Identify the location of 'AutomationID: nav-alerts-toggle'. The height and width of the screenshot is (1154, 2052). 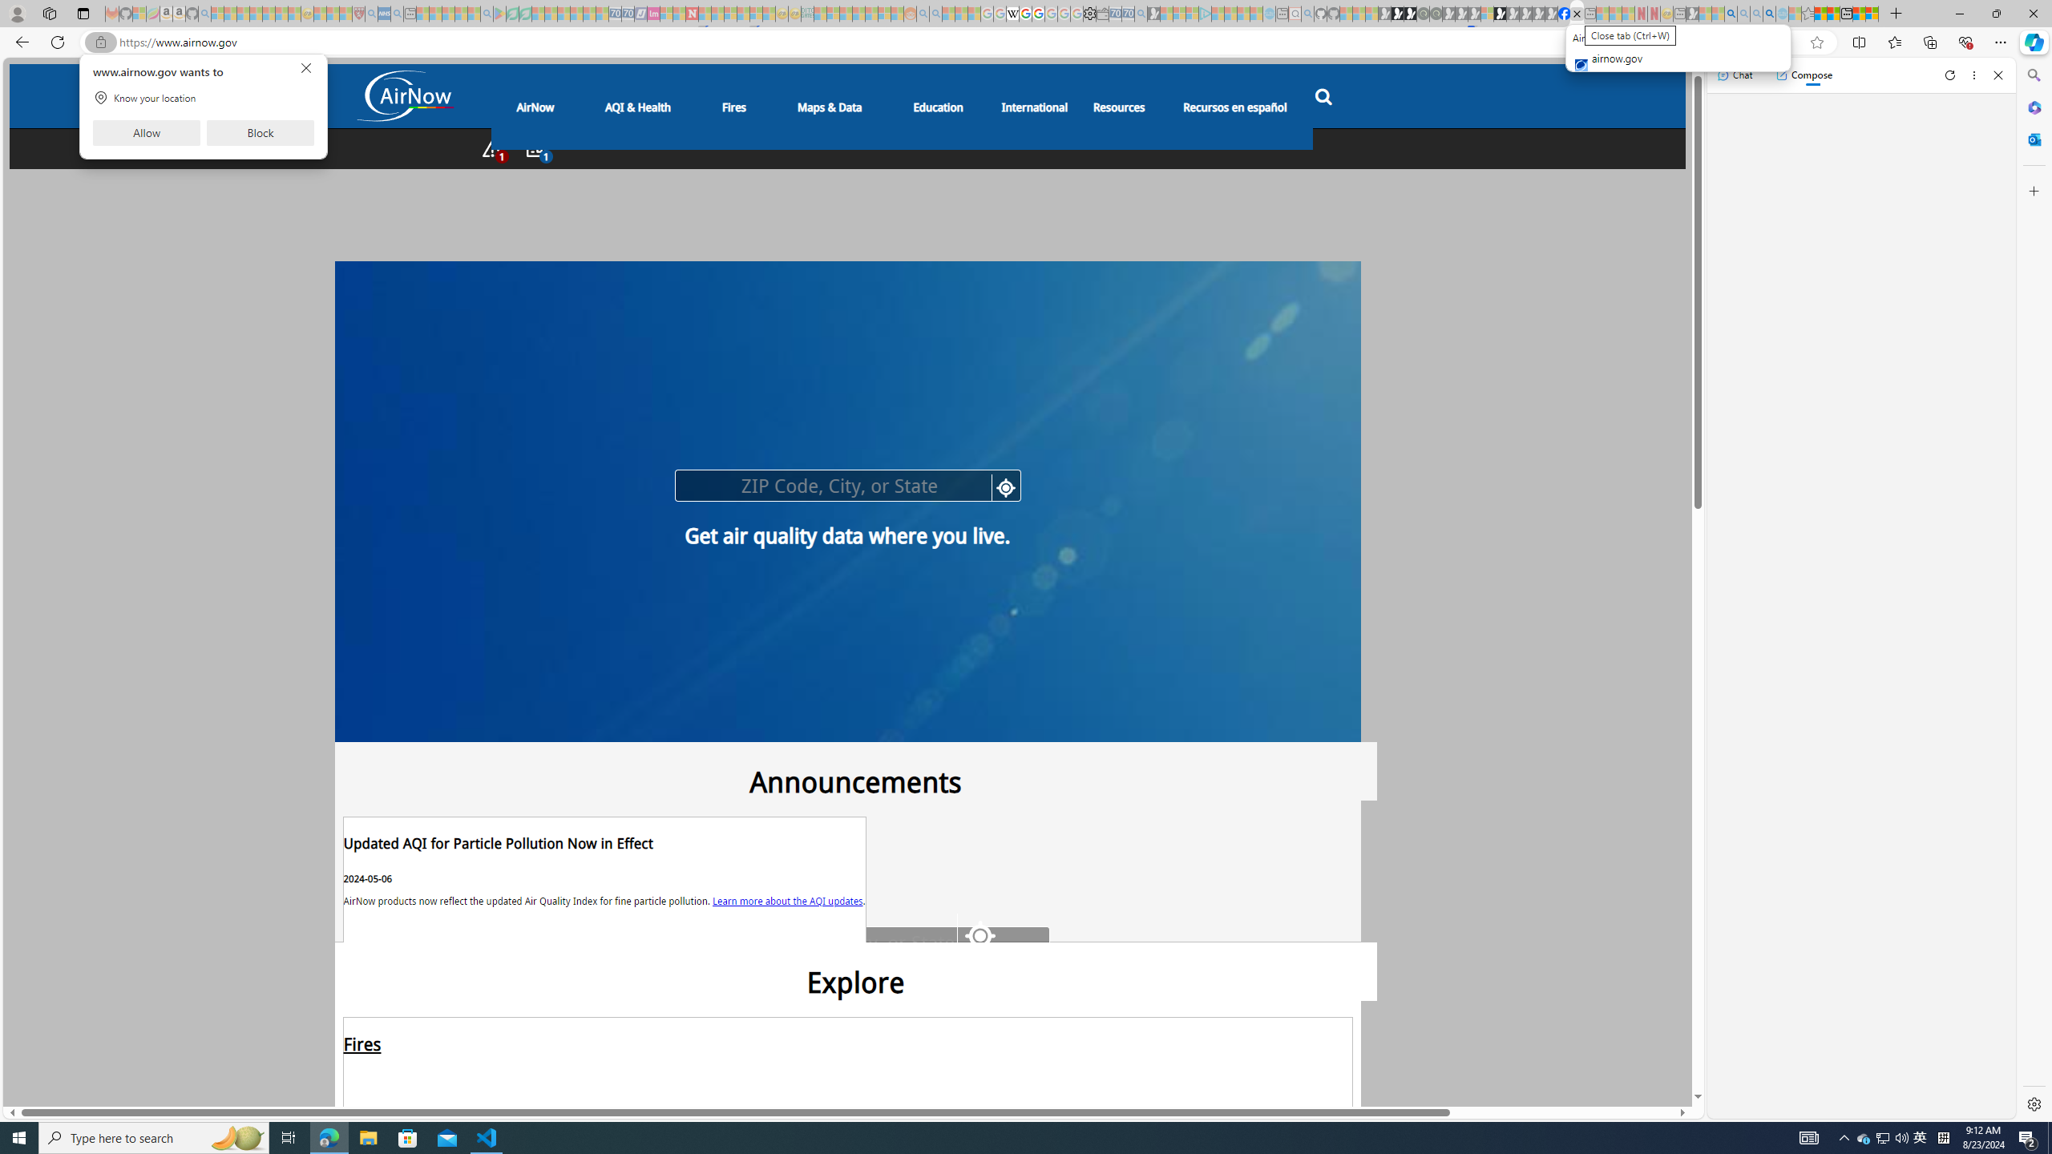
(491, 147).